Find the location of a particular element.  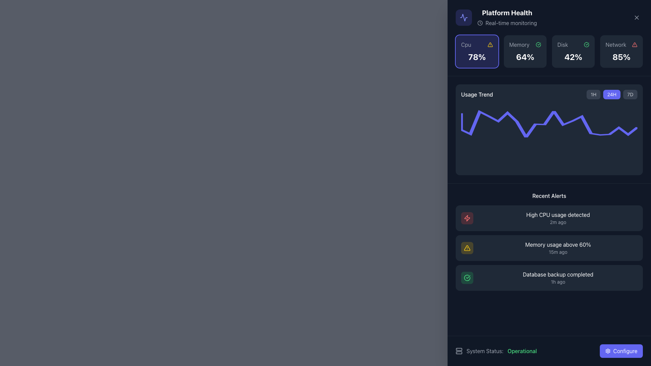

the circular green checkmark icon indicating a successful state, located next to the 'Memory' metric in the 'Platform Health' section is located at coordinates (538, 44).